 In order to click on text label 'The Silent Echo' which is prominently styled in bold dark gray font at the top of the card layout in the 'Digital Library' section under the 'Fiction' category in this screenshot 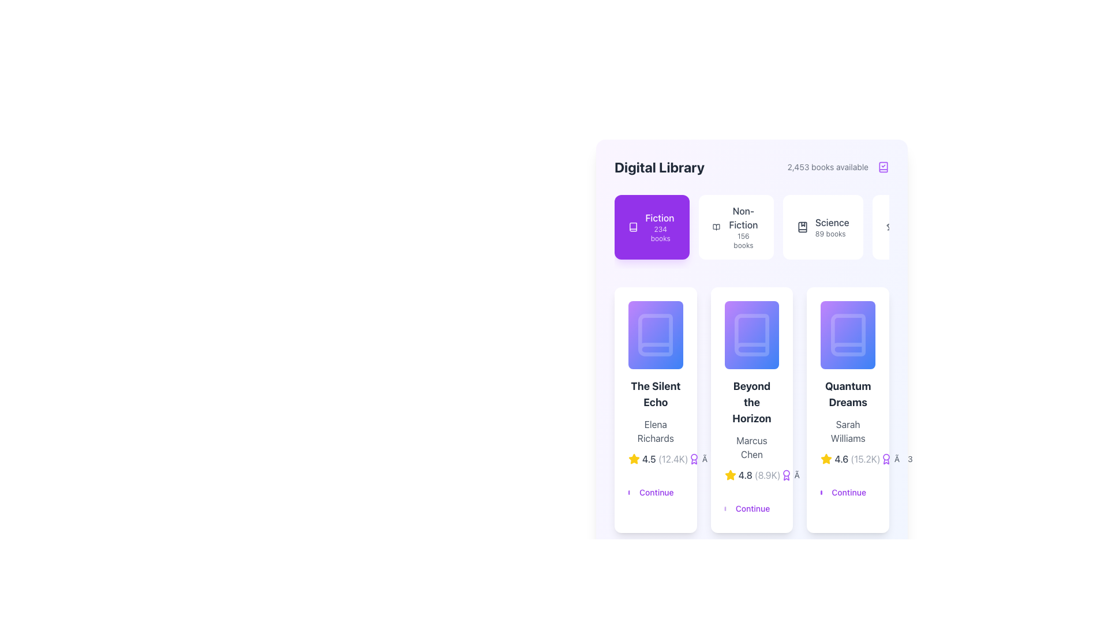, I will do `click(656, 394)`.